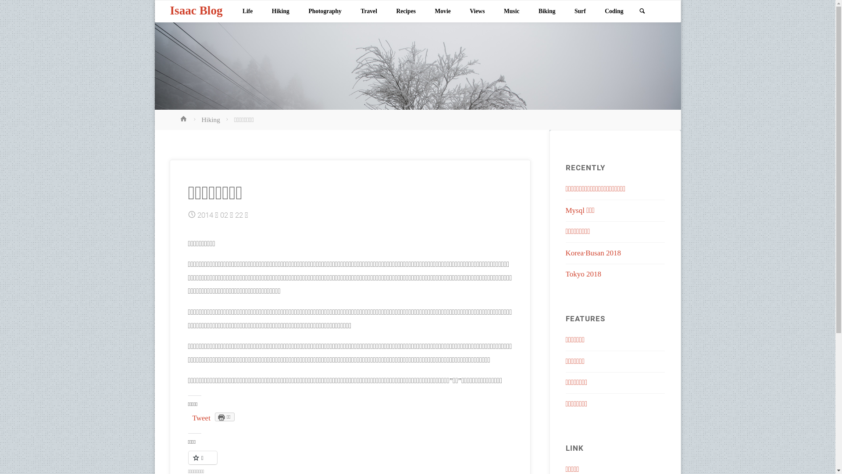 Image resolution: width=842 pixels, height=474 pixels. I want to click on 'Views', so click(477, 11).